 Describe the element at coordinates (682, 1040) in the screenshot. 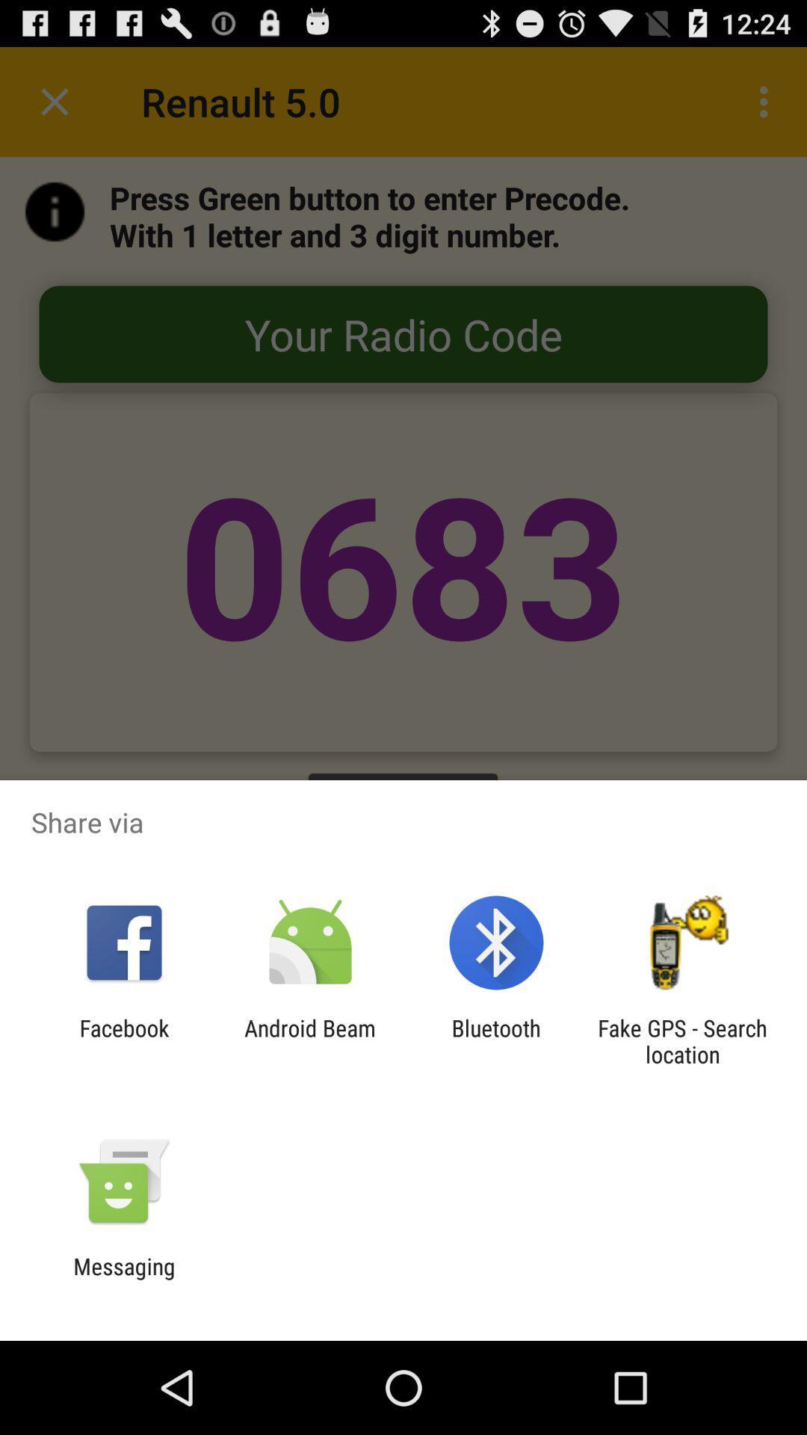

I see `app at the bottom right corner` at that location.